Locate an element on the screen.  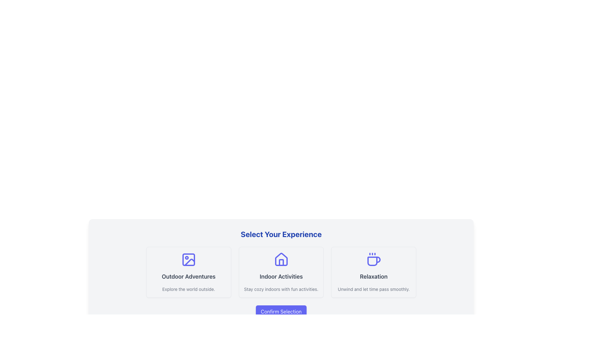
the rectangular card styled with a soft border and shadow, featuring the text 'Indoor Activities' centered in bold is located at coordinates (281, 272).